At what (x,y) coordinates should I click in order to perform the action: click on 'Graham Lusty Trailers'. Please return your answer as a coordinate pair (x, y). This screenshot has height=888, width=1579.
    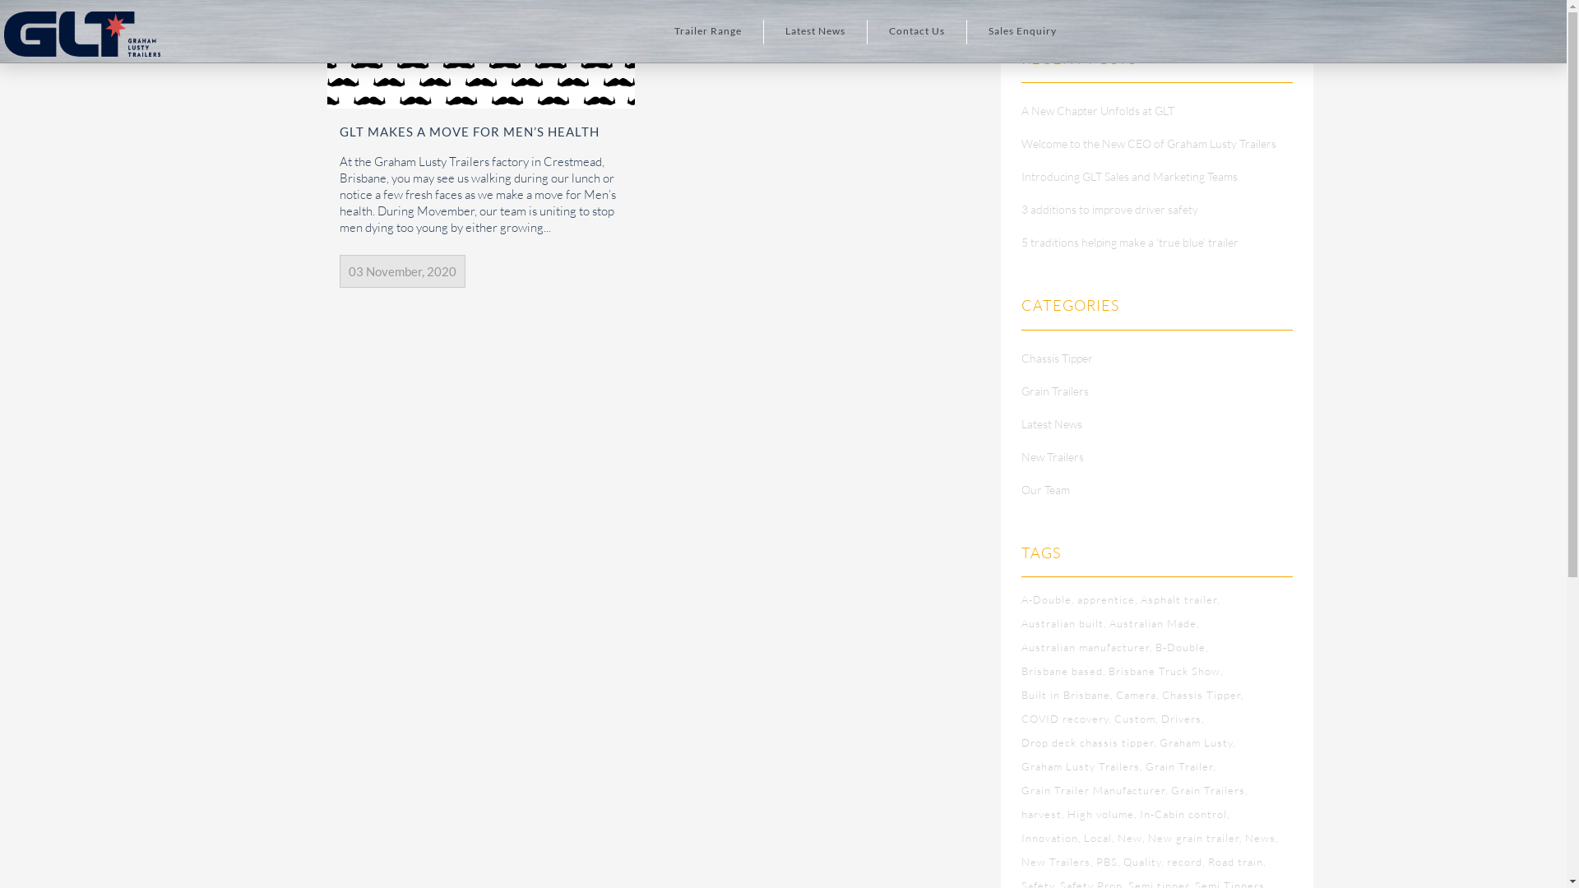
    Looking at the image, I should click on (1081, 766).